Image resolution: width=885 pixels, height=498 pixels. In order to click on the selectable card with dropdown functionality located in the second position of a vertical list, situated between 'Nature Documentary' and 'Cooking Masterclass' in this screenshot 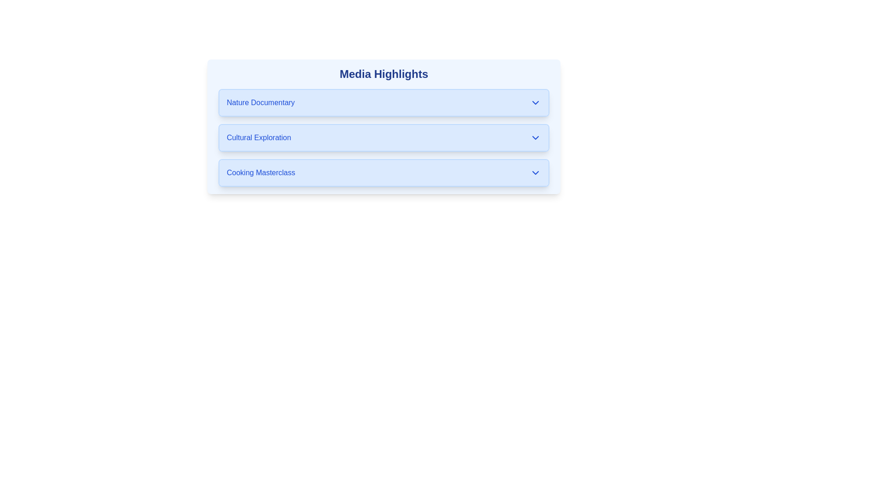, I will do `click(384, 126)`.